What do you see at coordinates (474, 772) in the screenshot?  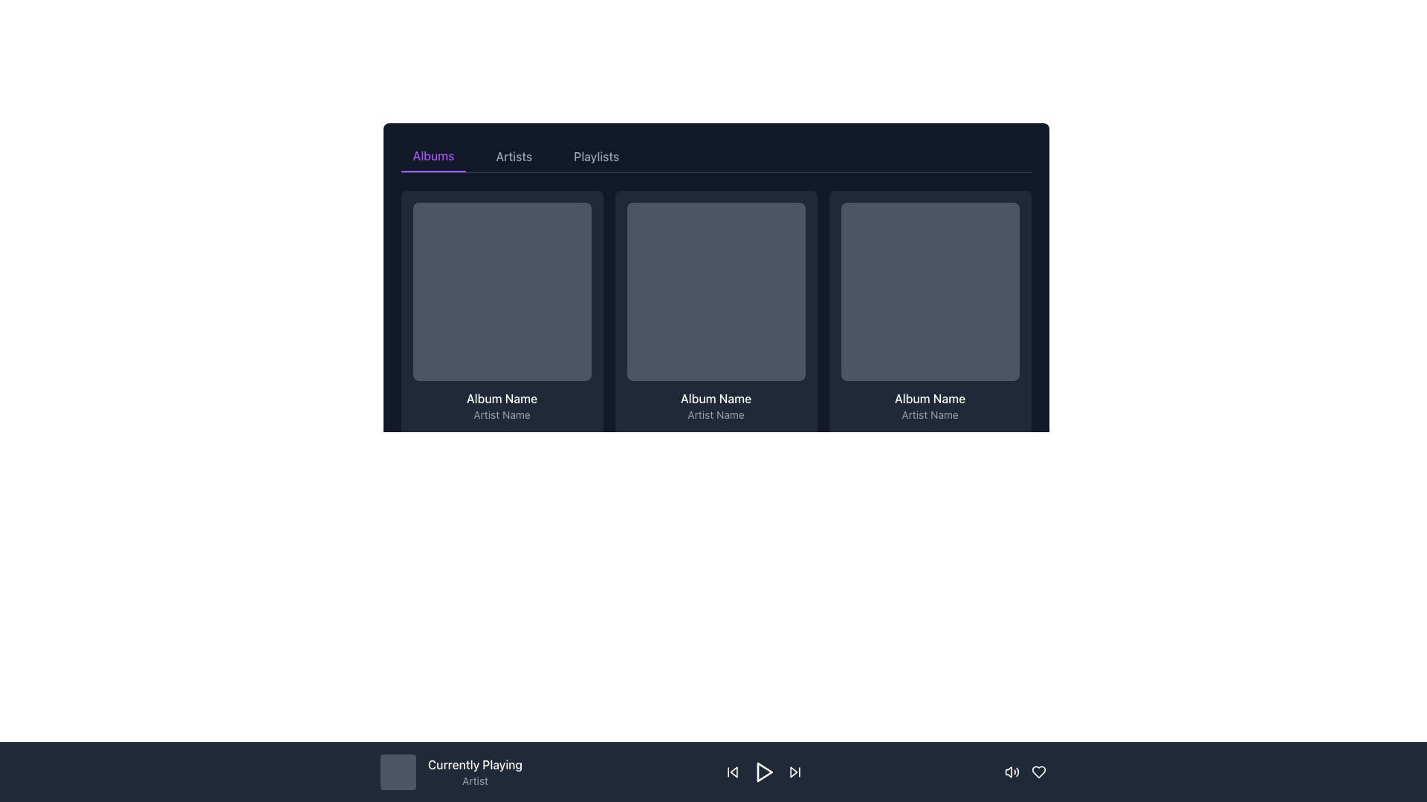 I see `the Text Display element that shows information about the currently playing track, located in the bottom control bar, between the placeholder image and playback controls` at bounding box center [474, 772].